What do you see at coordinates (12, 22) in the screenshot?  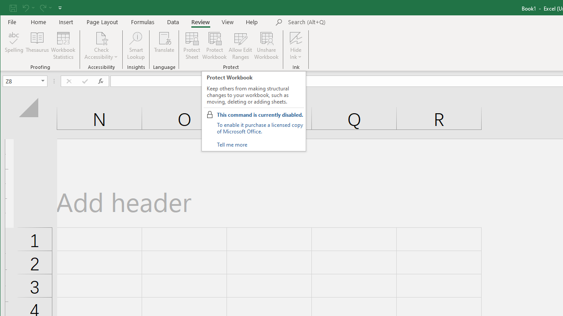 I see `'File Tab'` at bounding box center [12, 22].